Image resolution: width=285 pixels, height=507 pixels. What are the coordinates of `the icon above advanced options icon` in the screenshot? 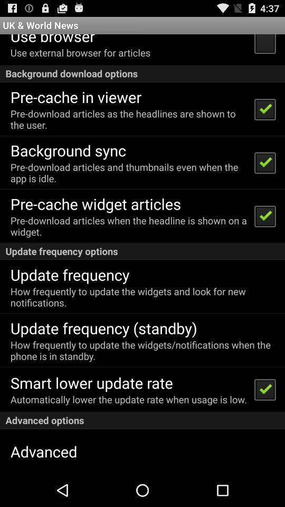 It's located at (128, 399).